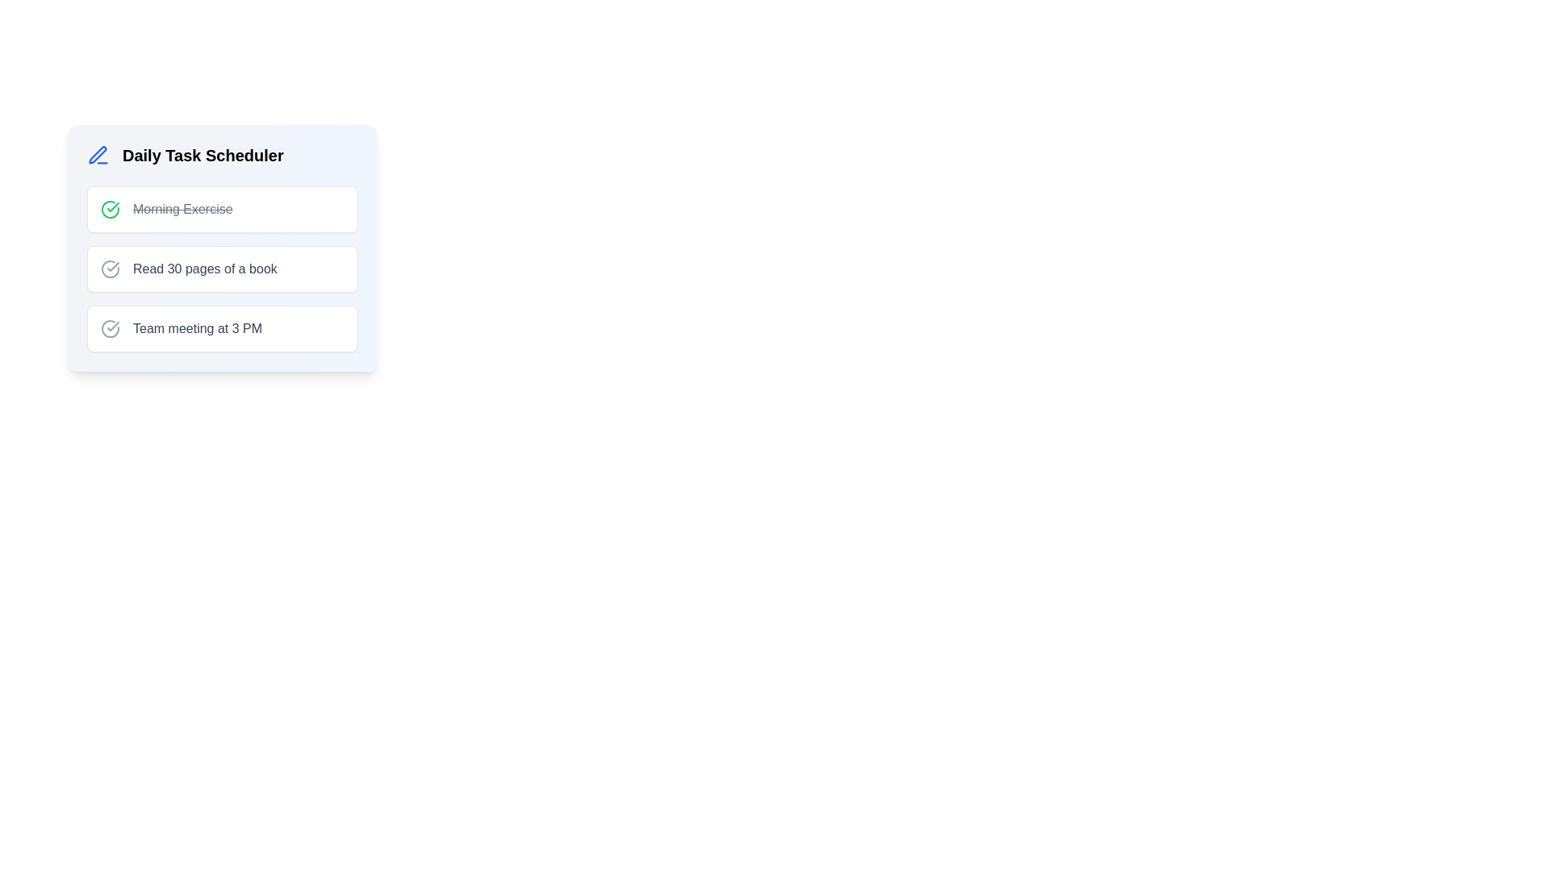  I want to click on the visual indicator icon associated with the 'Morning Exercise' task in the 'Daily Task Scheduler' section to interact with it, so click(110, 208).